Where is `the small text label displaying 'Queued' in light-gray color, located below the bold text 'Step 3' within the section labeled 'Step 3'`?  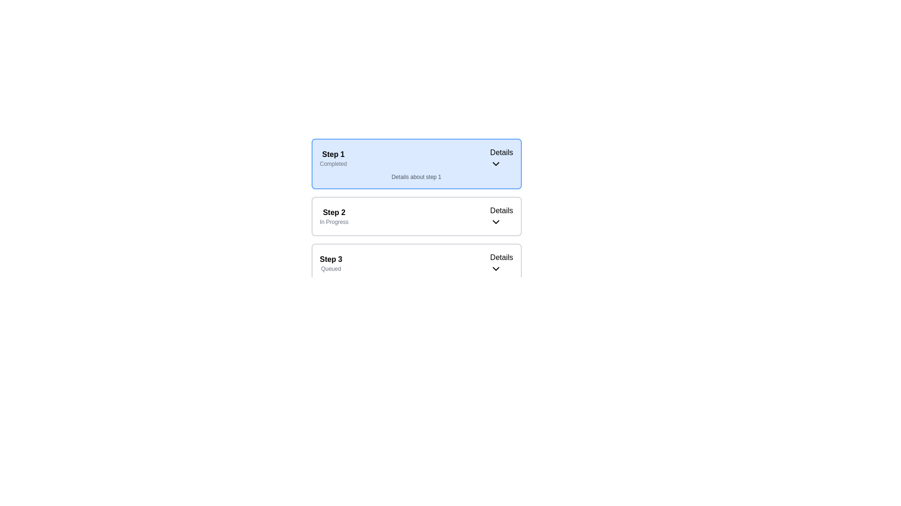
the small text label displaying 'Queued' in light-gray color, located below the bold text 'Step 3' within the section labeled 'Step 3' is located at coordinates (331, 269).